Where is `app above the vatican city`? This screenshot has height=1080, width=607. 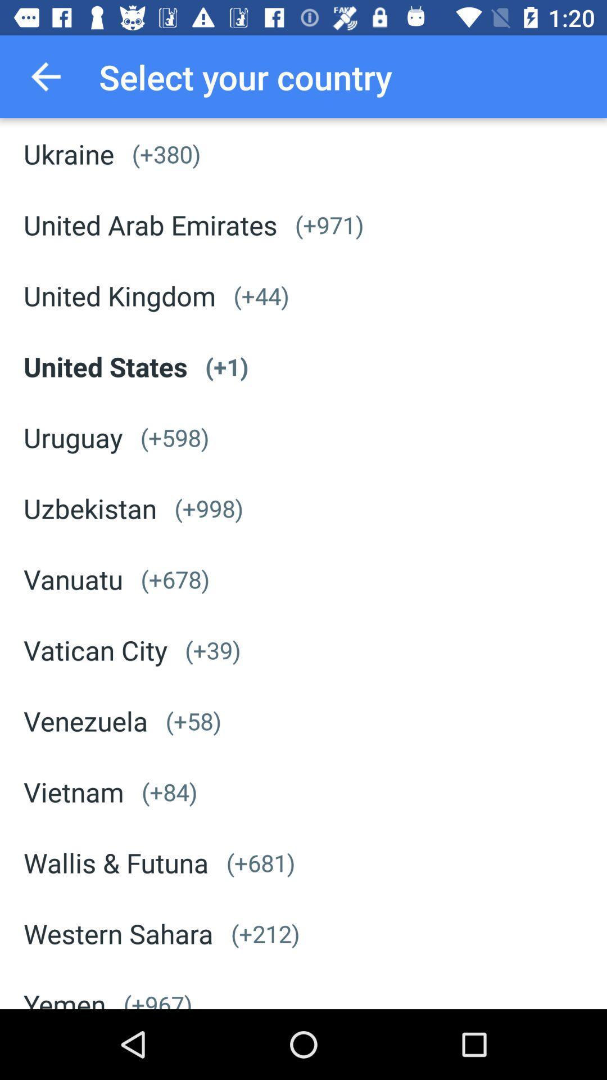
app above the vatican city is located at coordinates (73, 579).